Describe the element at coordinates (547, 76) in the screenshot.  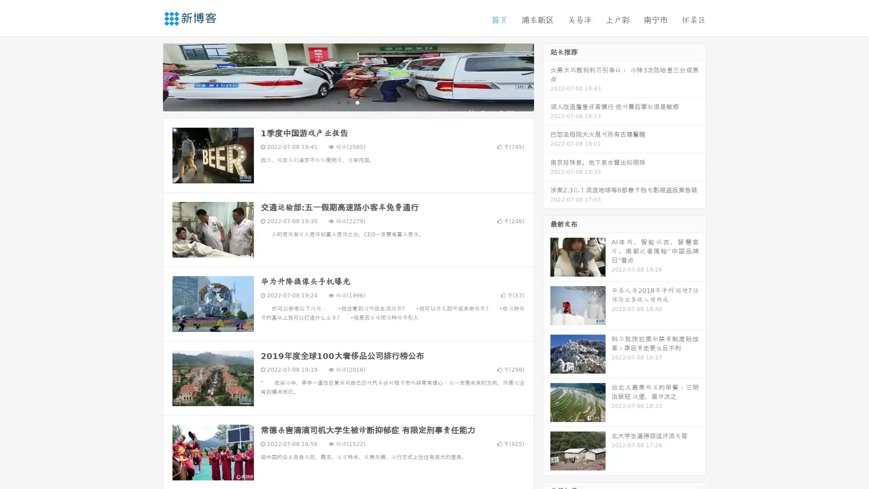
I see `Next slide` at that location.